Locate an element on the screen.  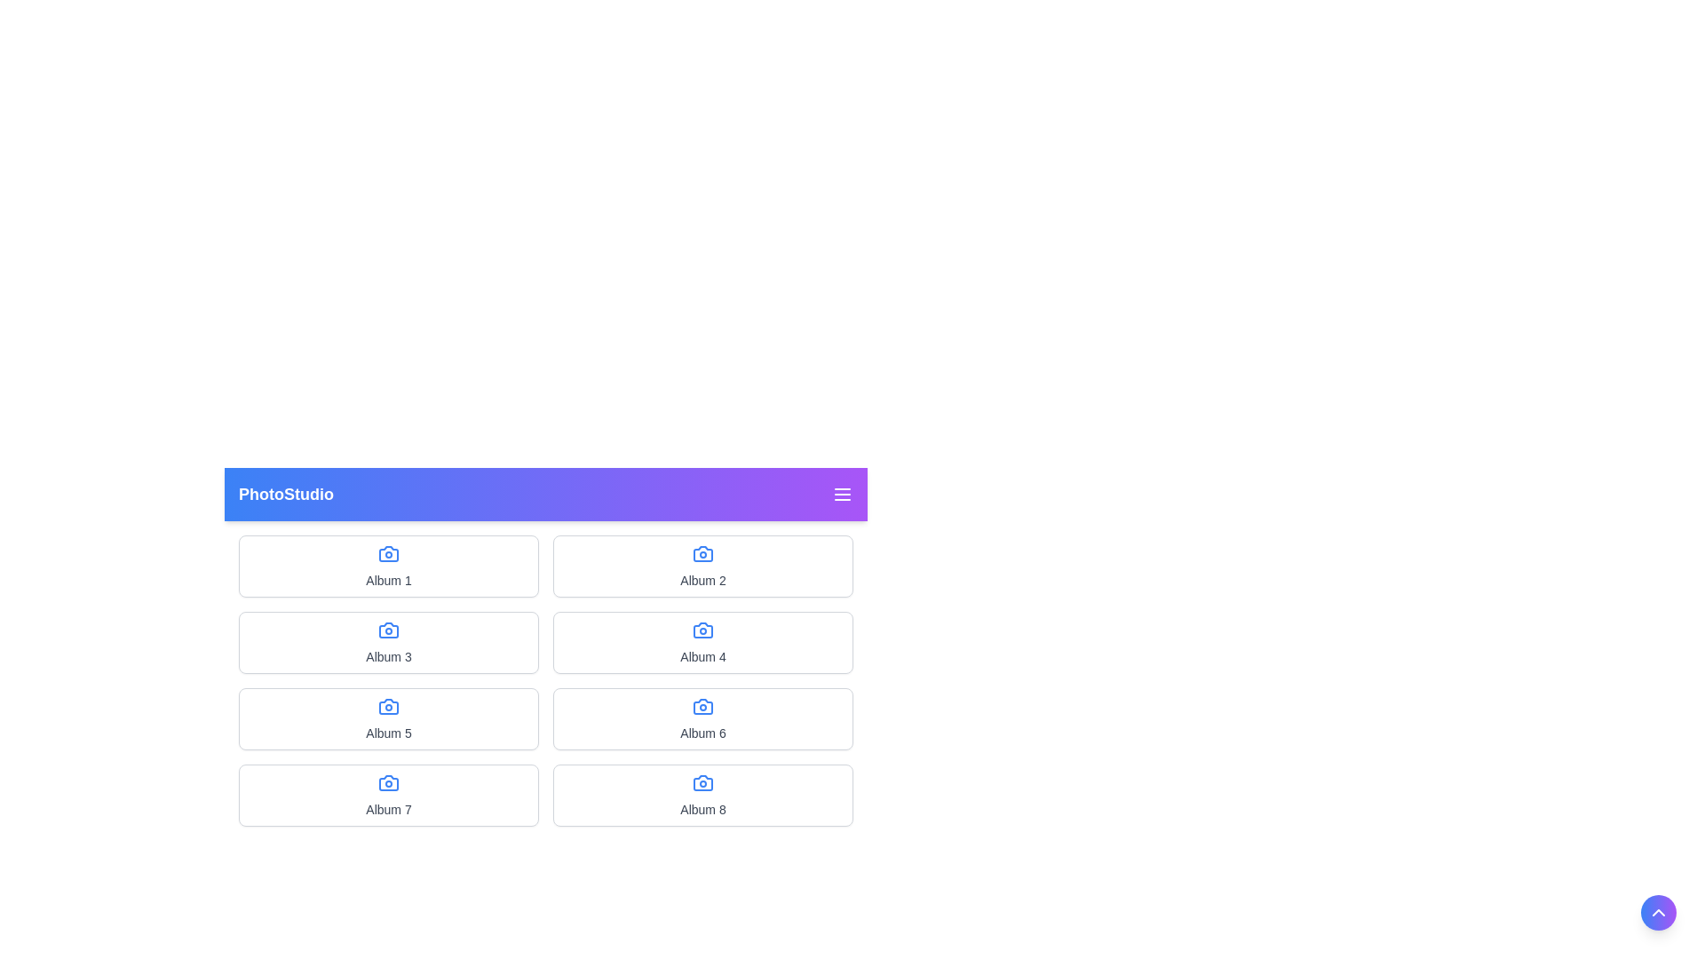
text label that displays the name or title of the album, located in the second column of the second row in a grid layout, specifically the fourth item in the grid is located at coordinates (702, 657).